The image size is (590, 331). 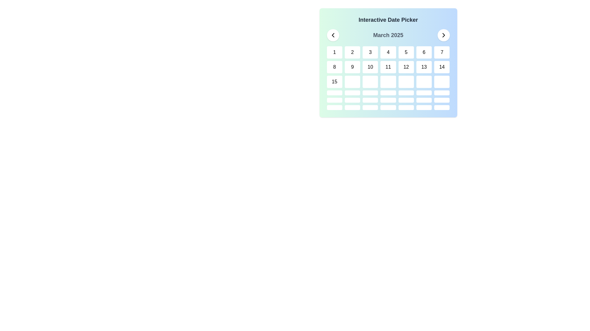 I want to click on the 2nd empty cell button in the last row of the calendar date picker, so click(x=352, y=107).